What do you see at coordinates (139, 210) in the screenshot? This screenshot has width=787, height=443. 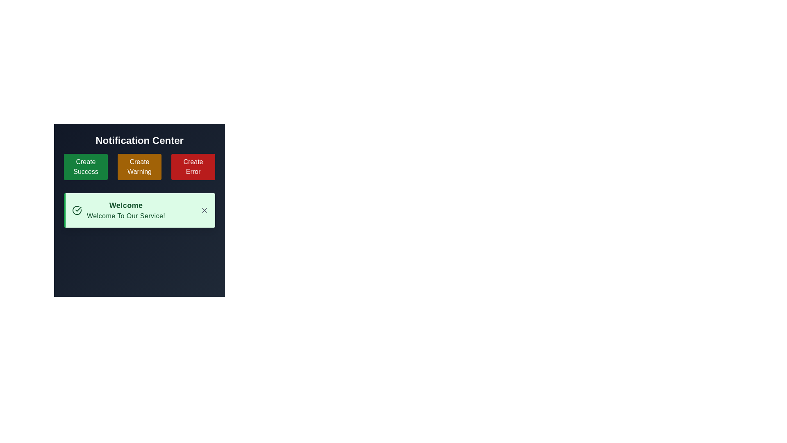 I see `the white notification box displaying the title 'Welcome' and the message 'Welcome to our service!' located in the bottom half of the 'Notification Center'` at bounding box center [139, 210].